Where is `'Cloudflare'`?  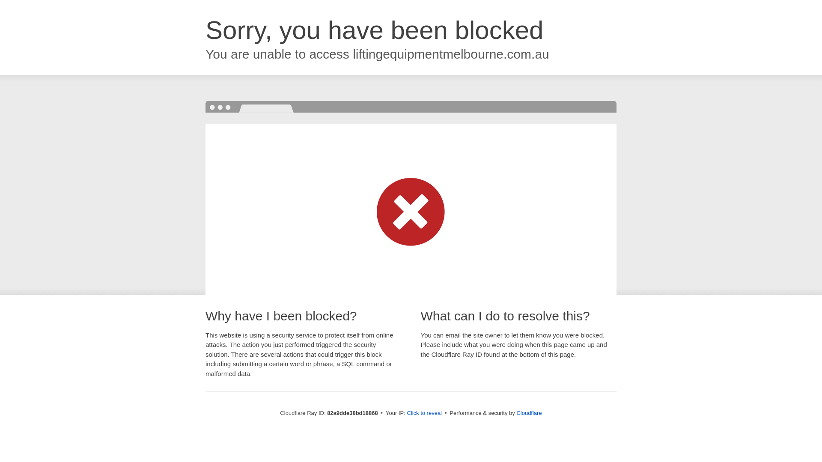
'Cloudflare' is located at coordinates (515, 412).